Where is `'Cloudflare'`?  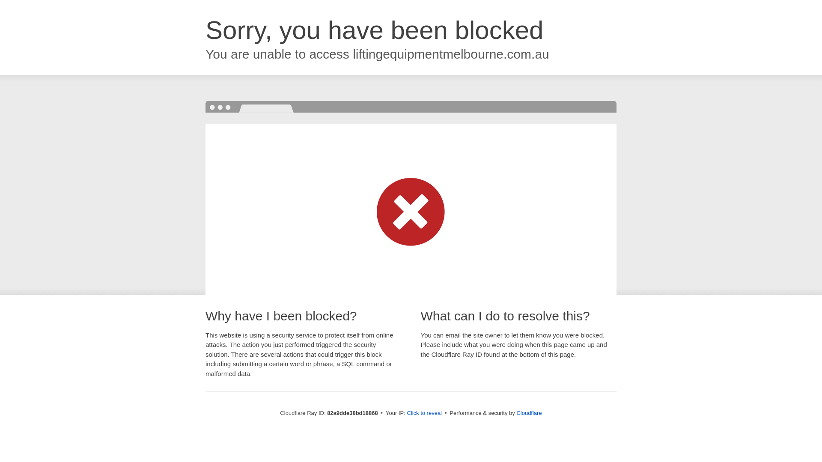
'Cloudflare' is located at coordinates (515, 412).